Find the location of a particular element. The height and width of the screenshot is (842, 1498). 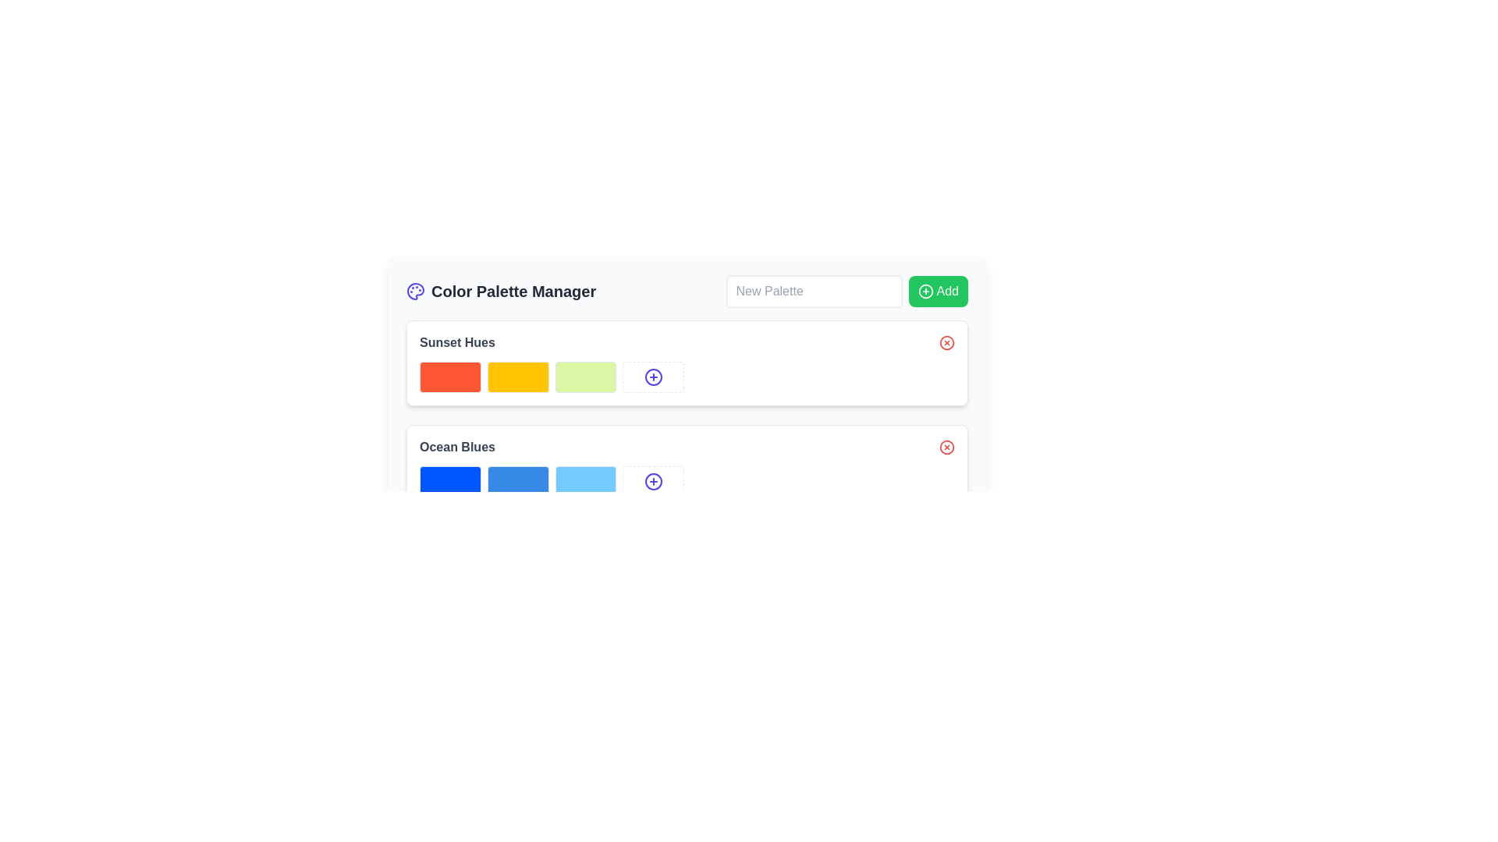

the visual representation of the color palette icon located in the top-left section of the user interface, adjacent to the title 'Color Palette Manager' is located at coordinates (415, 292).